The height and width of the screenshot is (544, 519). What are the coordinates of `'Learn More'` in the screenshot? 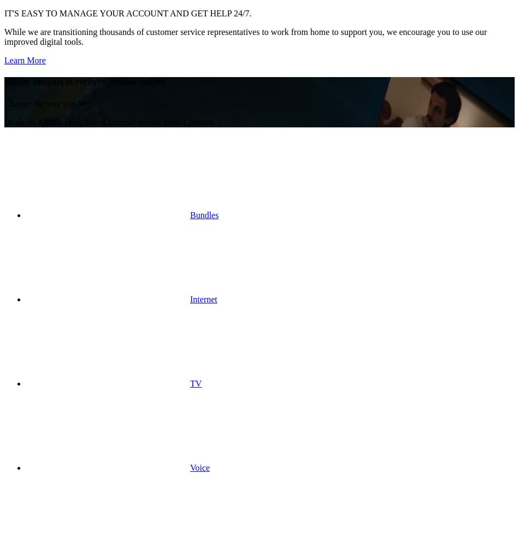 It's located at (25, 60).